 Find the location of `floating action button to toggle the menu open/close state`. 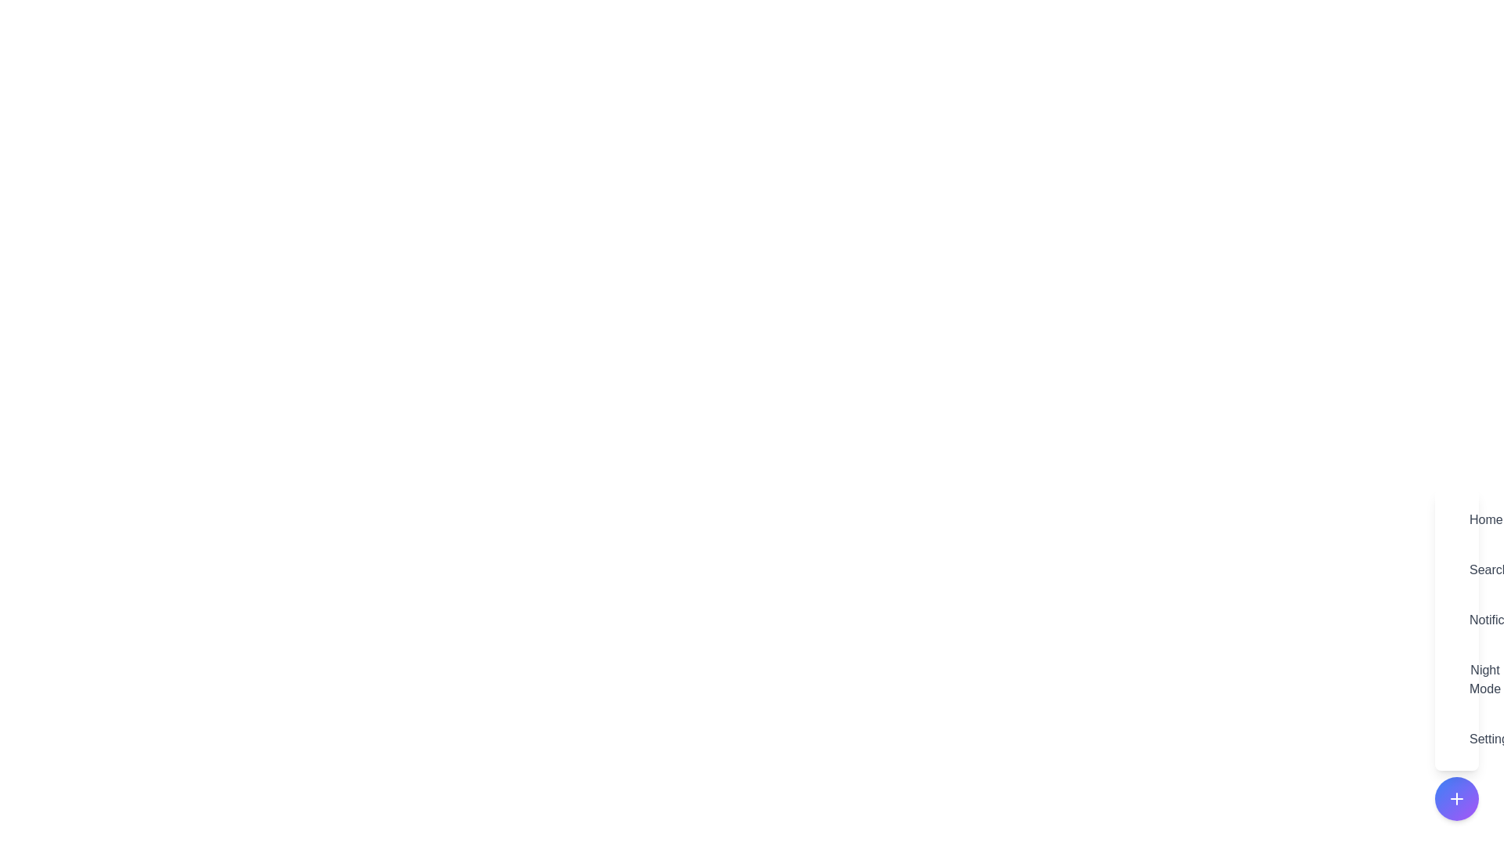

floating action button to toggle the menu open/close state is located at coordinates (1456, 798).